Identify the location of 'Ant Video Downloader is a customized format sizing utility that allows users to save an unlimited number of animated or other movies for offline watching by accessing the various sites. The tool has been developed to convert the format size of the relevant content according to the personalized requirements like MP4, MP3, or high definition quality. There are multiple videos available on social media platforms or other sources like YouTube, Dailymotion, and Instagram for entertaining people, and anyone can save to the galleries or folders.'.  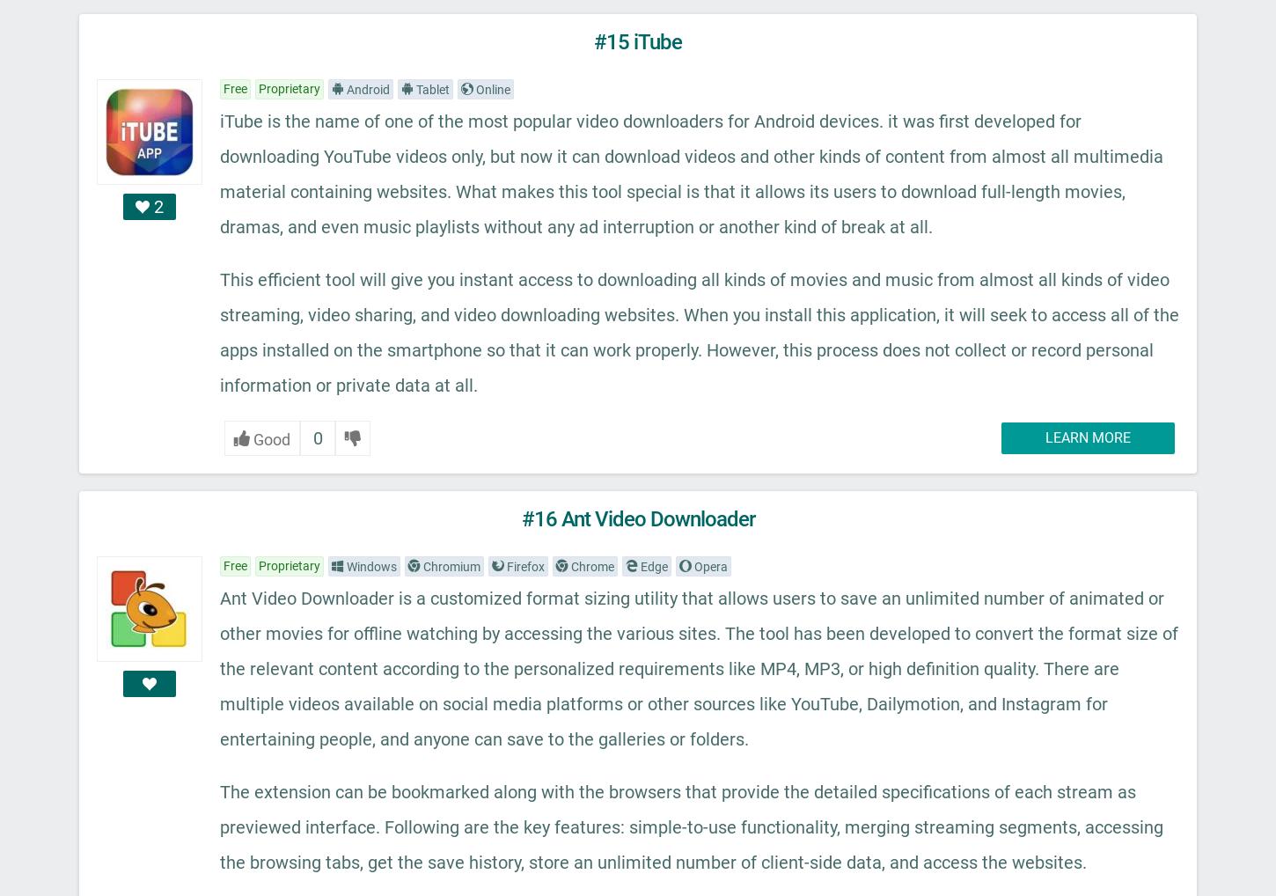
(699, 668).